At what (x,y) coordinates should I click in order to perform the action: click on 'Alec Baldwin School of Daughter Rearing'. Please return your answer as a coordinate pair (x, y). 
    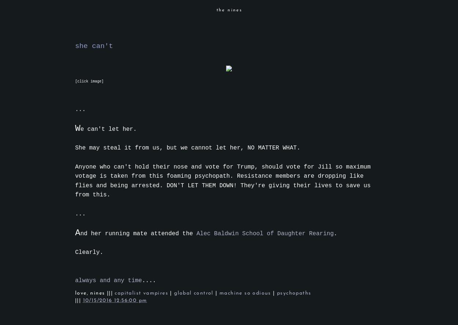
    Looking at the image, I should click on (196, 233).